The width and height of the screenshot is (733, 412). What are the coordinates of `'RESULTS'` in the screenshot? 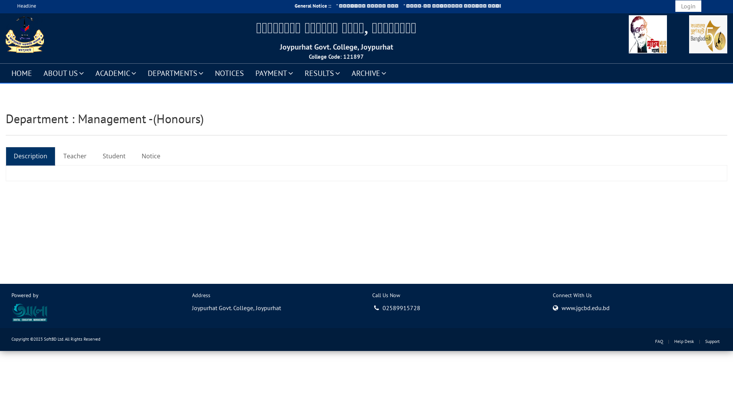 It's located at (298, 73).